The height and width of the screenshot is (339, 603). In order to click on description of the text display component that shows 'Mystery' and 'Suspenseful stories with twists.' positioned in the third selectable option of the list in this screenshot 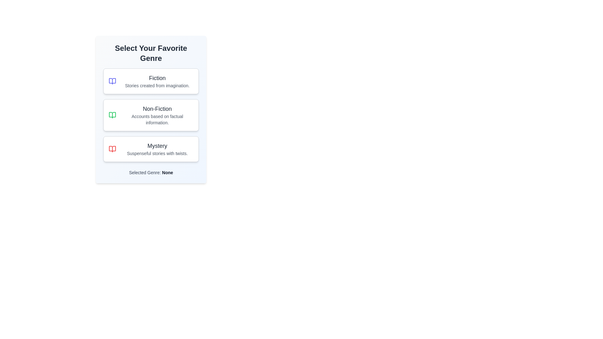, I will do `click(157, 149)`.